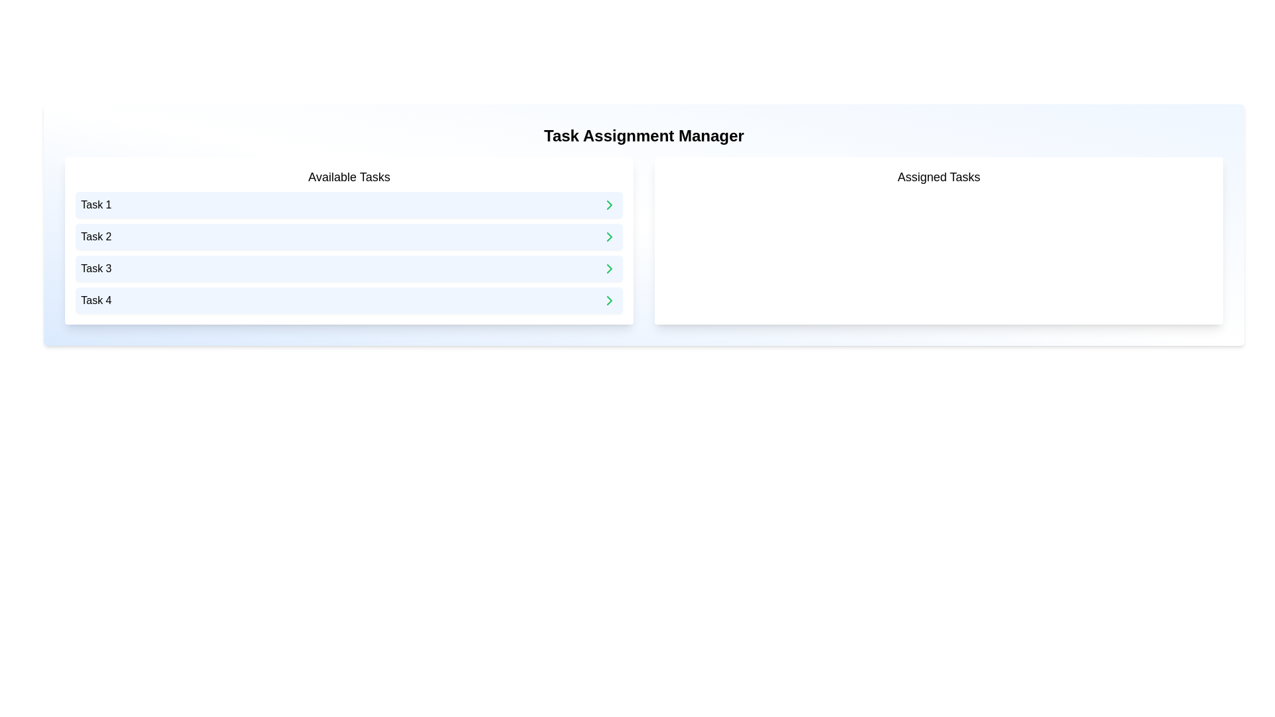 Image resolution: width=1275 pixels, height=717 pixels. Describe the element at coordinates (608, 300) in the screenshot. I see `arrow button next to Task 4 to assign it to the assigned list` at that location.